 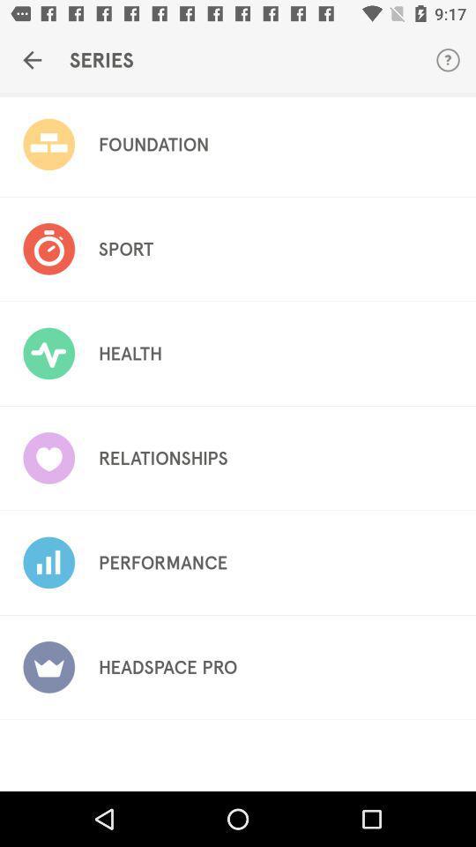 What do you see at coordinates (163, 562) in the screenshot?
I see `the icon below relationships icon` at bounding box center [163, 562].